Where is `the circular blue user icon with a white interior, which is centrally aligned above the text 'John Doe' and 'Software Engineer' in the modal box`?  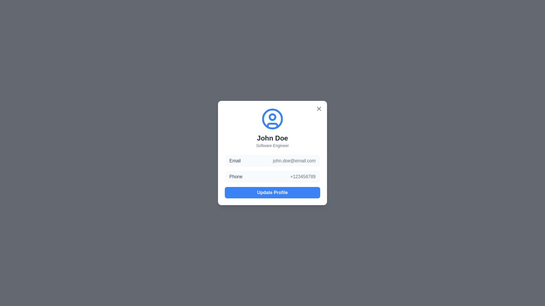 the circular blue user icon with a white interior, which is centrally aligned above the text 'John Doe' and 'Software Engineer' in the modal box is located at coordinates (272, 119).